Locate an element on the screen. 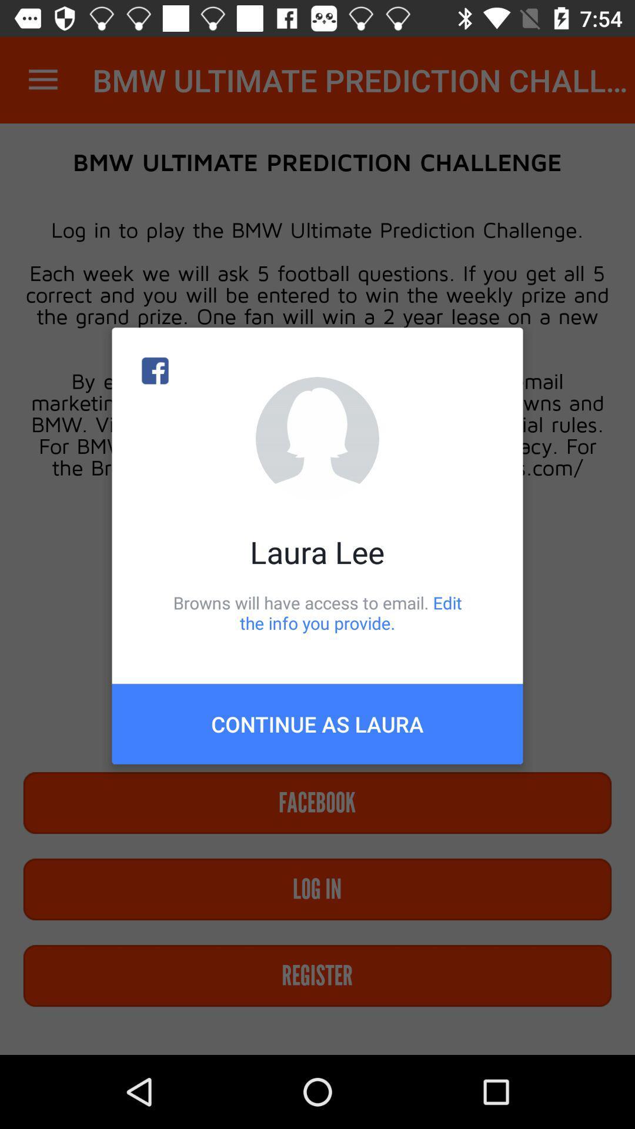 This screenshot has width=635, height=1129. the continue as laura item is located at coordinates (317, 723).